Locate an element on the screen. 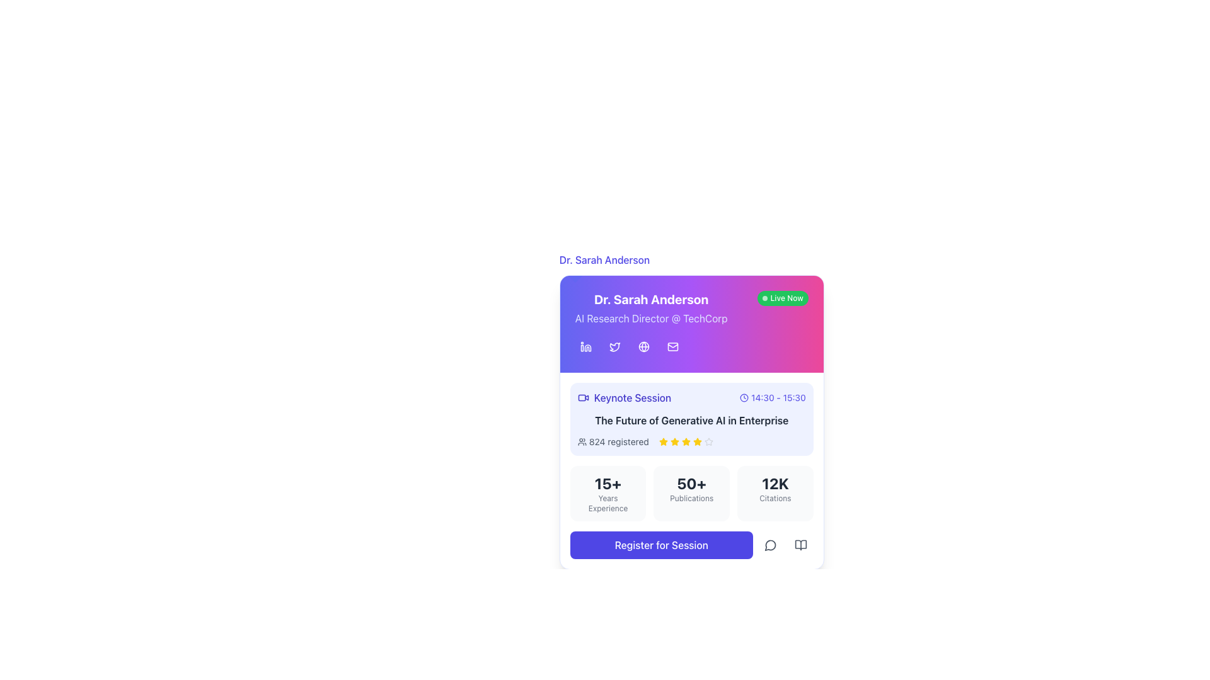  the LinkedIn button, which is a square-shaped icon with a purple background and a white 'in' logo, located at the top left corner of the row of social media icons, to visit the LinkedIn profile is located at coordinates (585, 347).